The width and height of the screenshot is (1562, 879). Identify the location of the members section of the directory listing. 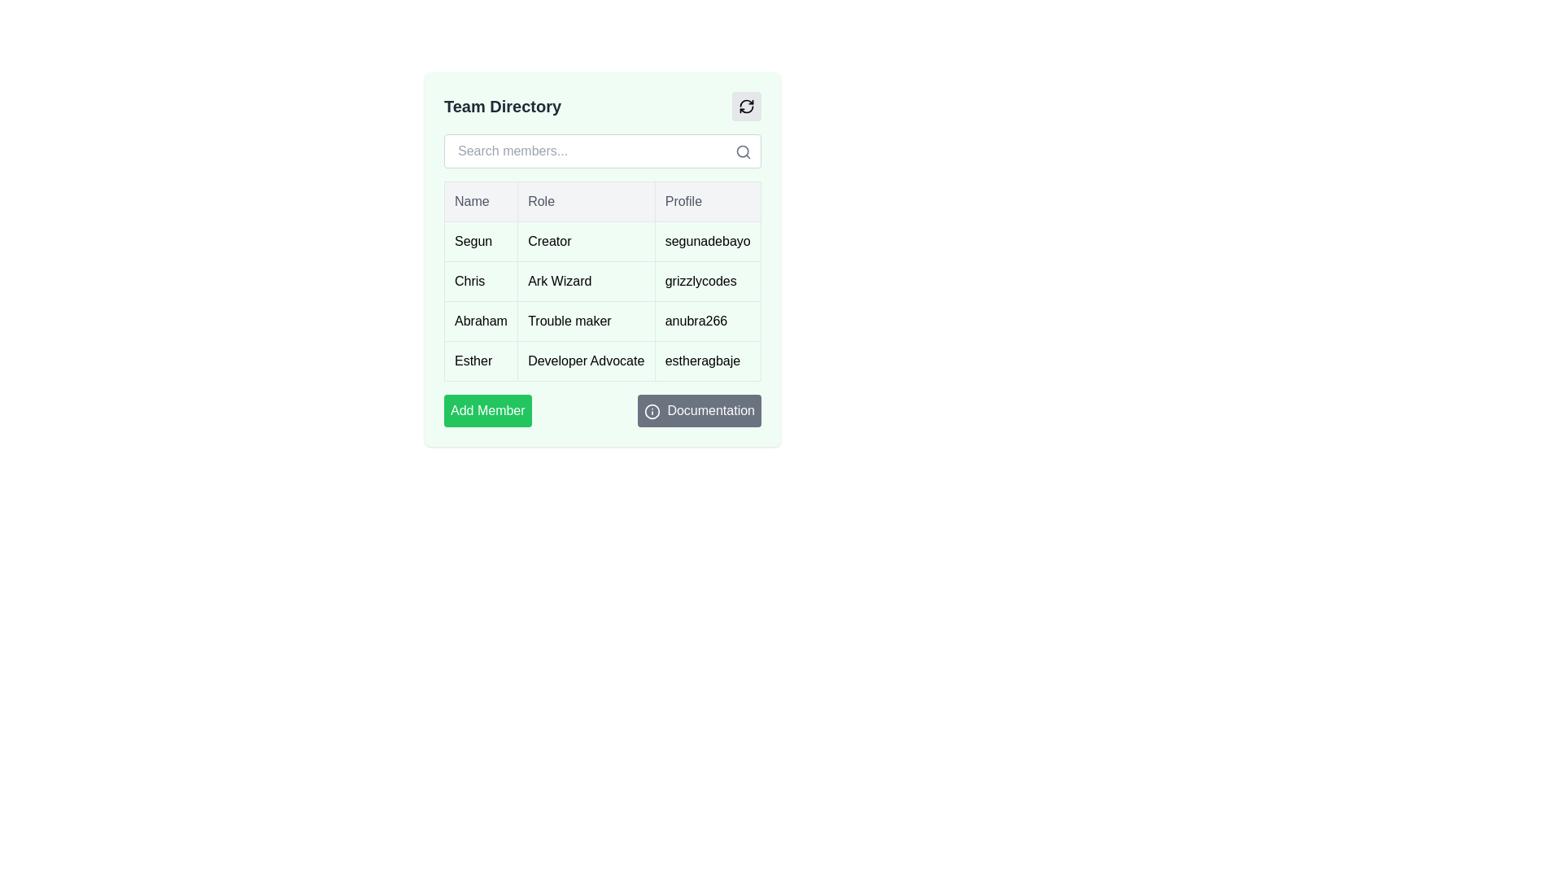
(601, 259).